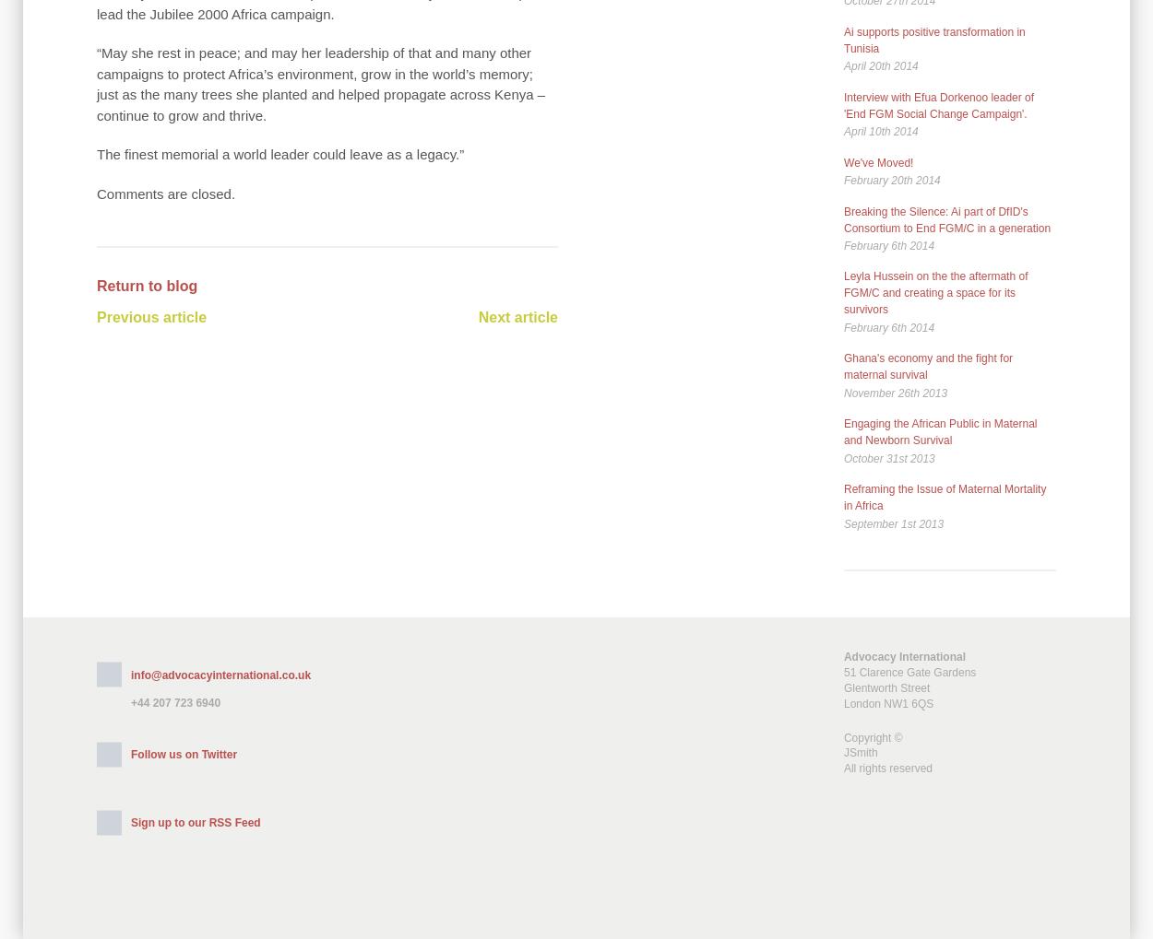 Image resolution: width=1153 pixels, height=939 pixels. I want to click on 'Engaging the African Public in Maternal and Newborn Survival', so click(844, 431).